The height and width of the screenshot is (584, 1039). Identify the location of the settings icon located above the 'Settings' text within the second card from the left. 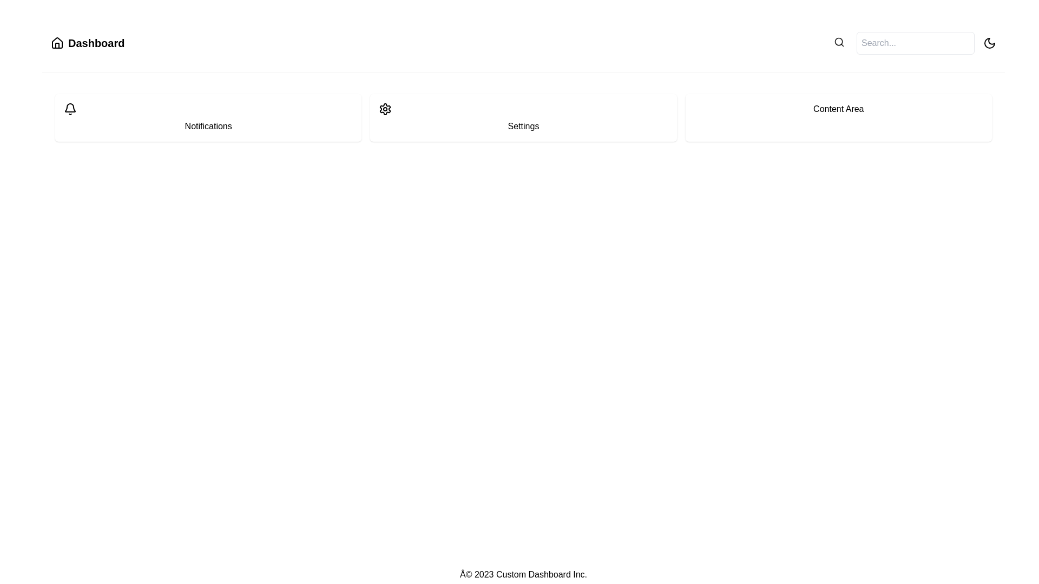
(385, 109).